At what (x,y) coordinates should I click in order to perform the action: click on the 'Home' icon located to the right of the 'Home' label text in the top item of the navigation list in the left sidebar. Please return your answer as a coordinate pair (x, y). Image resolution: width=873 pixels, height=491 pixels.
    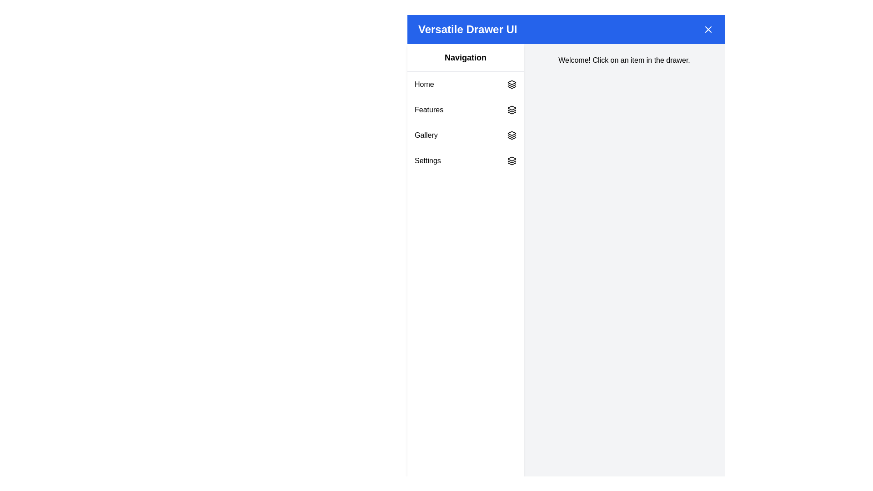
    Looking at the image, I should click on (512, 84).